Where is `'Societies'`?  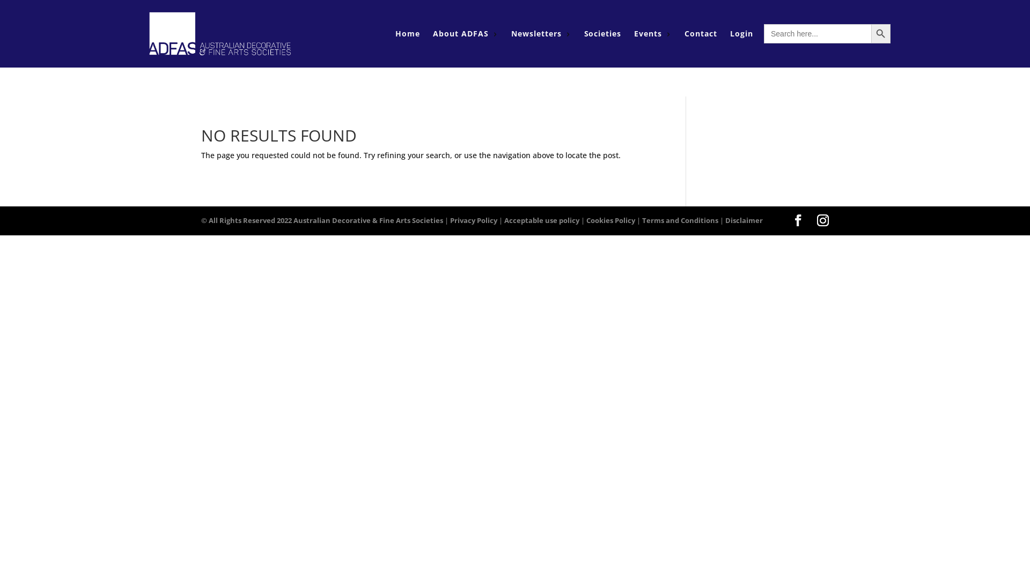 'Societies' is located at coordinates (602, 33).